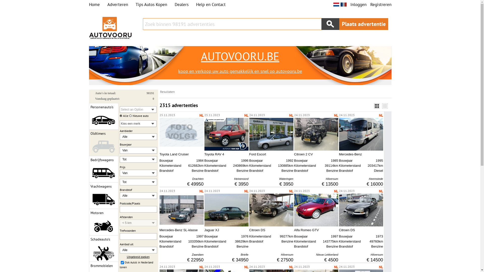 The image size is (484, 272). What do you see at coordinates (239, 71) in the screenshot?
I see `'koop en verkoop uw auto gemakkelijk en snel op autovooru.be'` at bounding box center [239, 71].